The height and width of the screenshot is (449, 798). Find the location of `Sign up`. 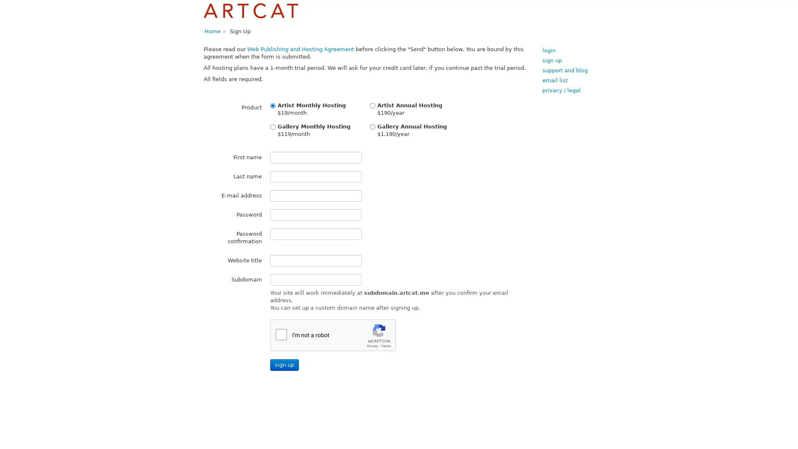

Sign up is located at coordinates (284, 365).